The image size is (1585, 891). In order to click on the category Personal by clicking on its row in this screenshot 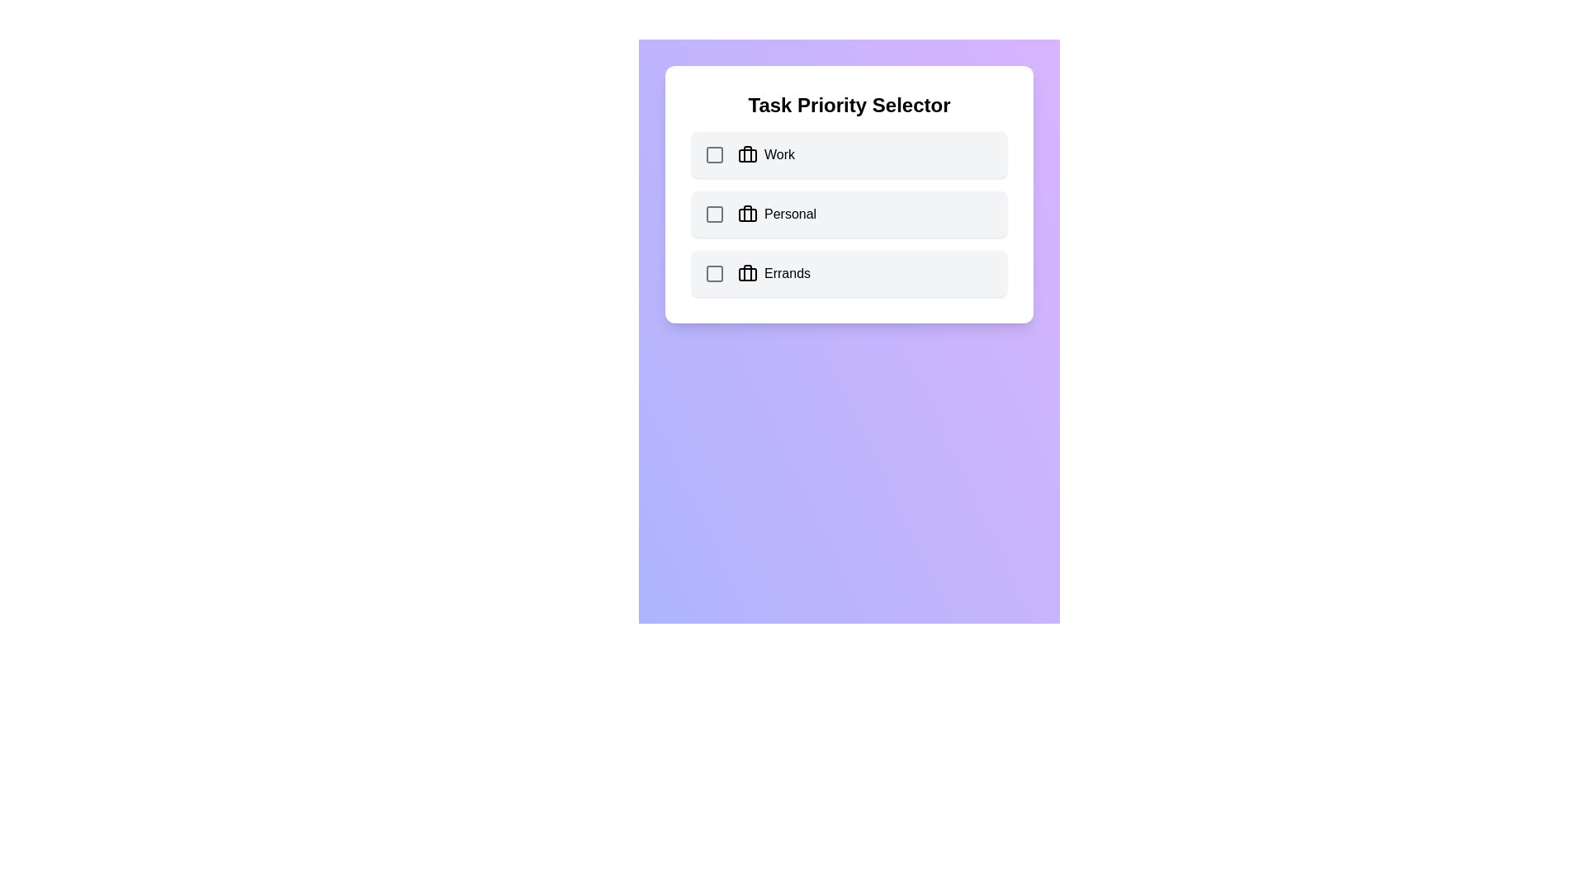, I will do `click(849, 213)`.